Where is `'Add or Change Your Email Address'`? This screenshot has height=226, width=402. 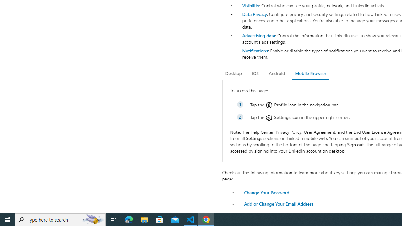 'Add or Change Your Email Address' is located at coordinates (278, 204).